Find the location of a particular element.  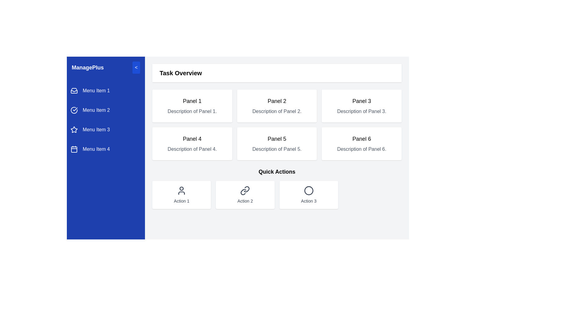

text label that displays 'Panel 4', which is styled in a larger, bold font and is positioned in the first column of the second row of a grid layout is located at coordinates (192, 139).